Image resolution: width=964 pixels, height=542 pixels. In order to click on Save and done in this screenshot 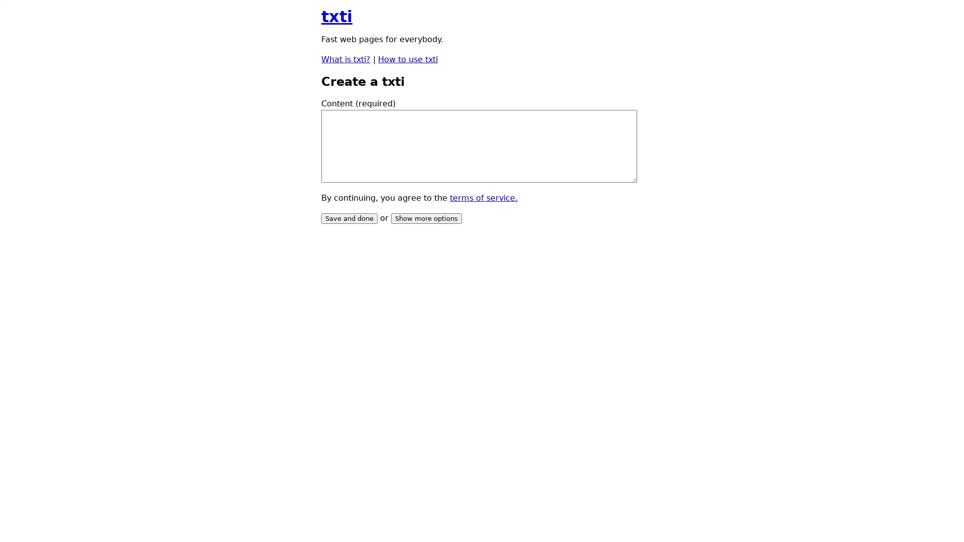, I will do `click(349, 218)`.